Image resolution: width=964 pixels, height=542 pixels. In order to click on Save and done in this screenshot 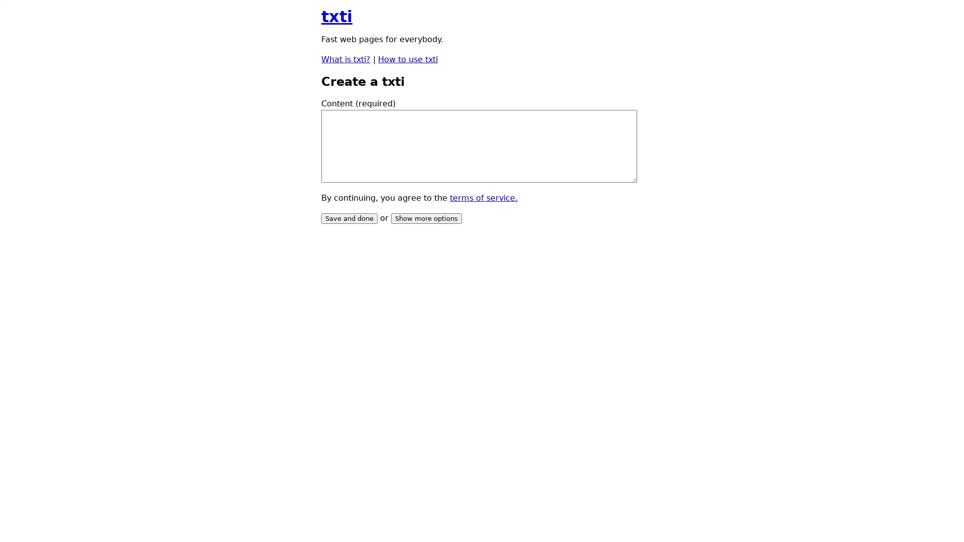, I will do `click(349, 218)`.